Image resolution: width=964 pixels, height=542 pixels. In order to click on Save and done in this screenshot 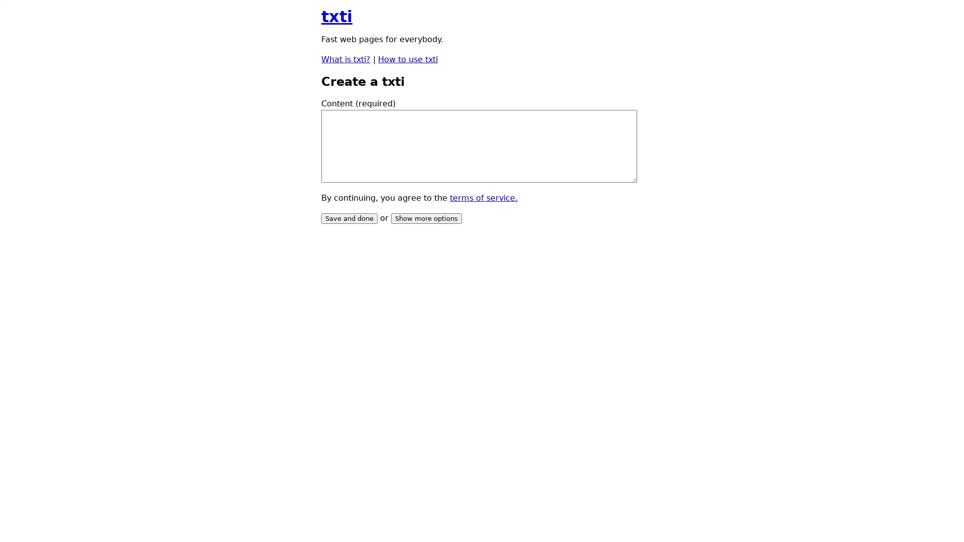, I will do `click(349, 218)`.